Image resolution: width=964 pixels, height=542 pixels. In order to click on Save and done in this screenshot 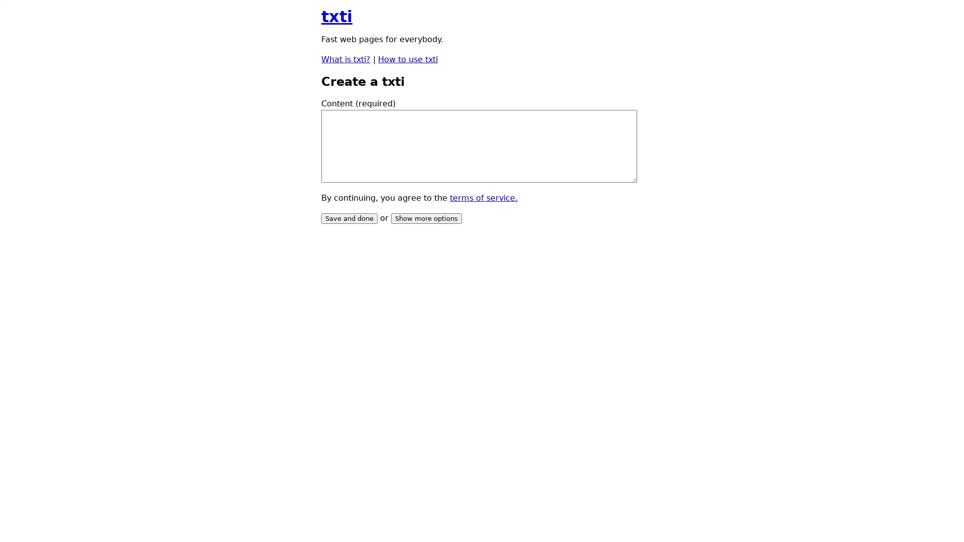, I will do `click(349, 218)`.